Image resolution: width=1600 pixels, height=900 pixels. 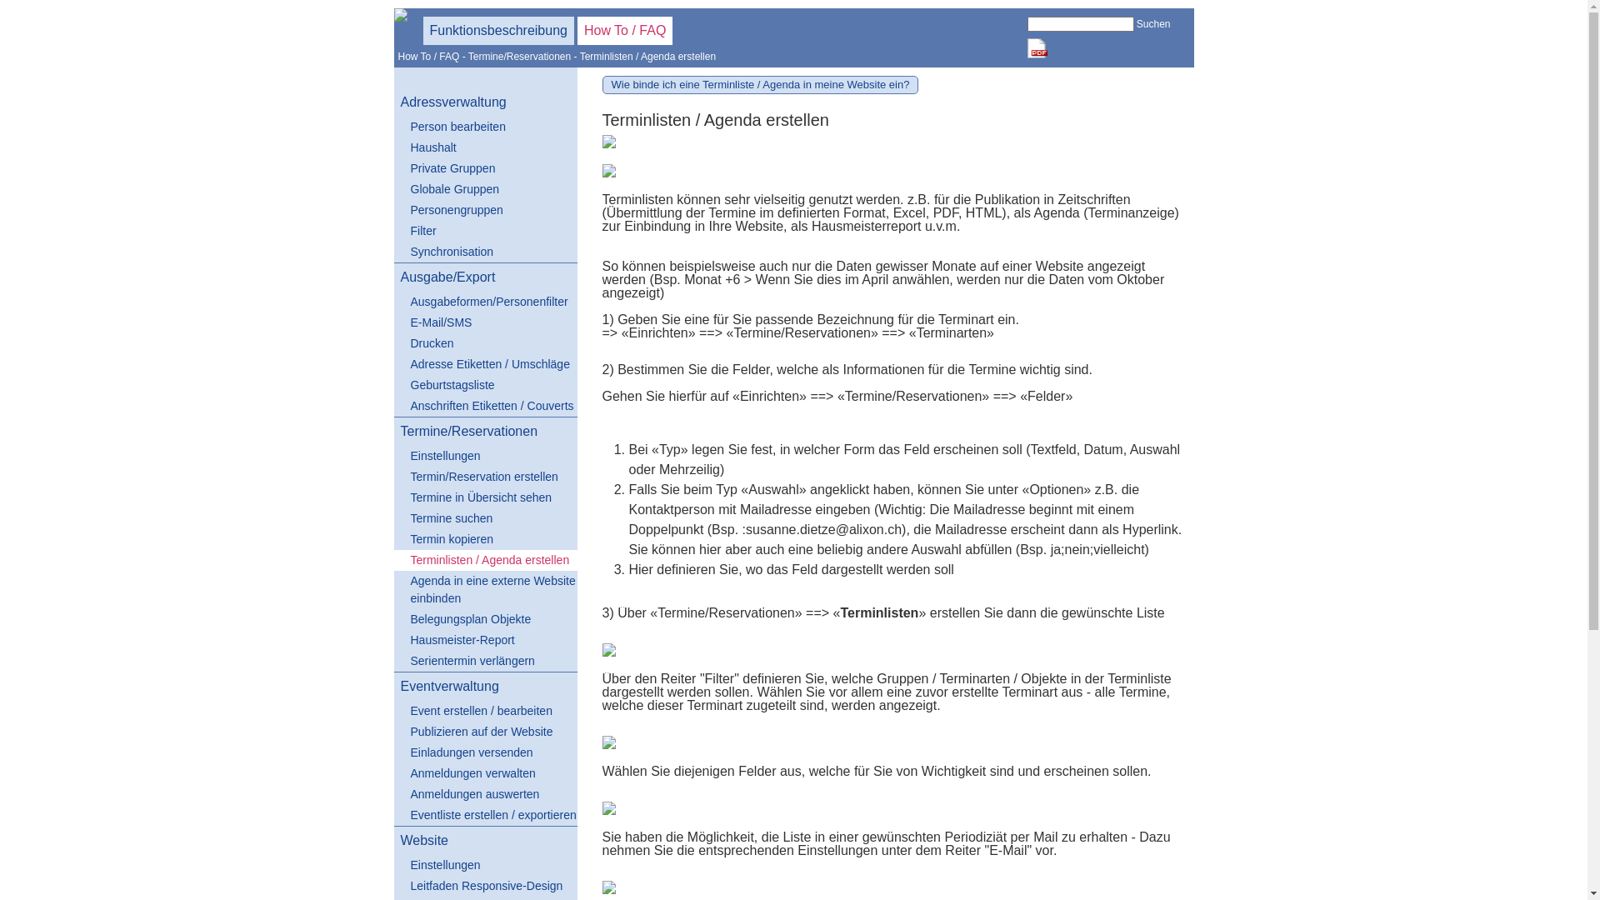 What do you see at coordinates (483, 711) in the screenshot?
I see `'Event erstellen / bearbeiten'` at bounding box center [483, 711].